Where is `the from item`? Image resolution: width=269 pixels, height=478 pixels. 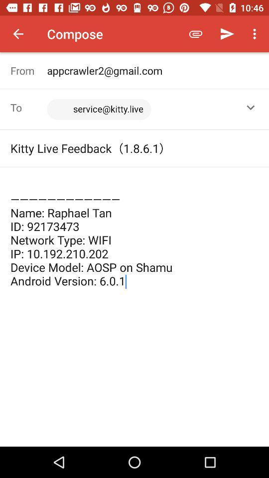
the from item is located at coordinates (28, 70).